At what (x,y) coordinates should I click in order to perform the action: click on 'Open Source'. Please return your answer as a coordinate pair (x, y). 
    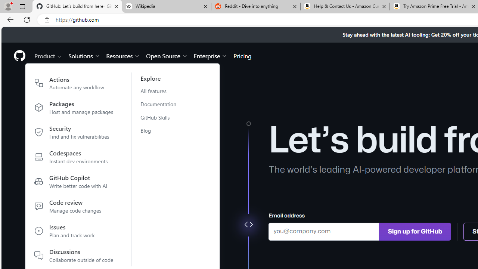
    Looking at the image, I should click on (166, 55).